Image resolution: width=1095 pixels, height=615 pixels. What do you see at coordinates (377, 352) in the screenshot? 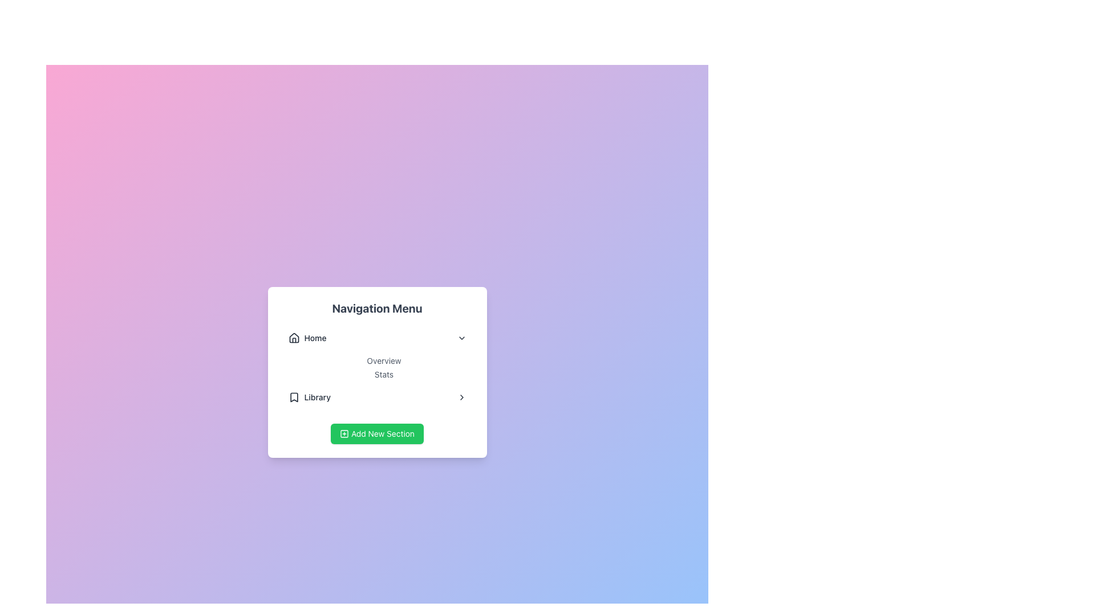
I see `the 'Overview' link in the navigation menu located under the 'Home' category` at bounding box center [377, 352].